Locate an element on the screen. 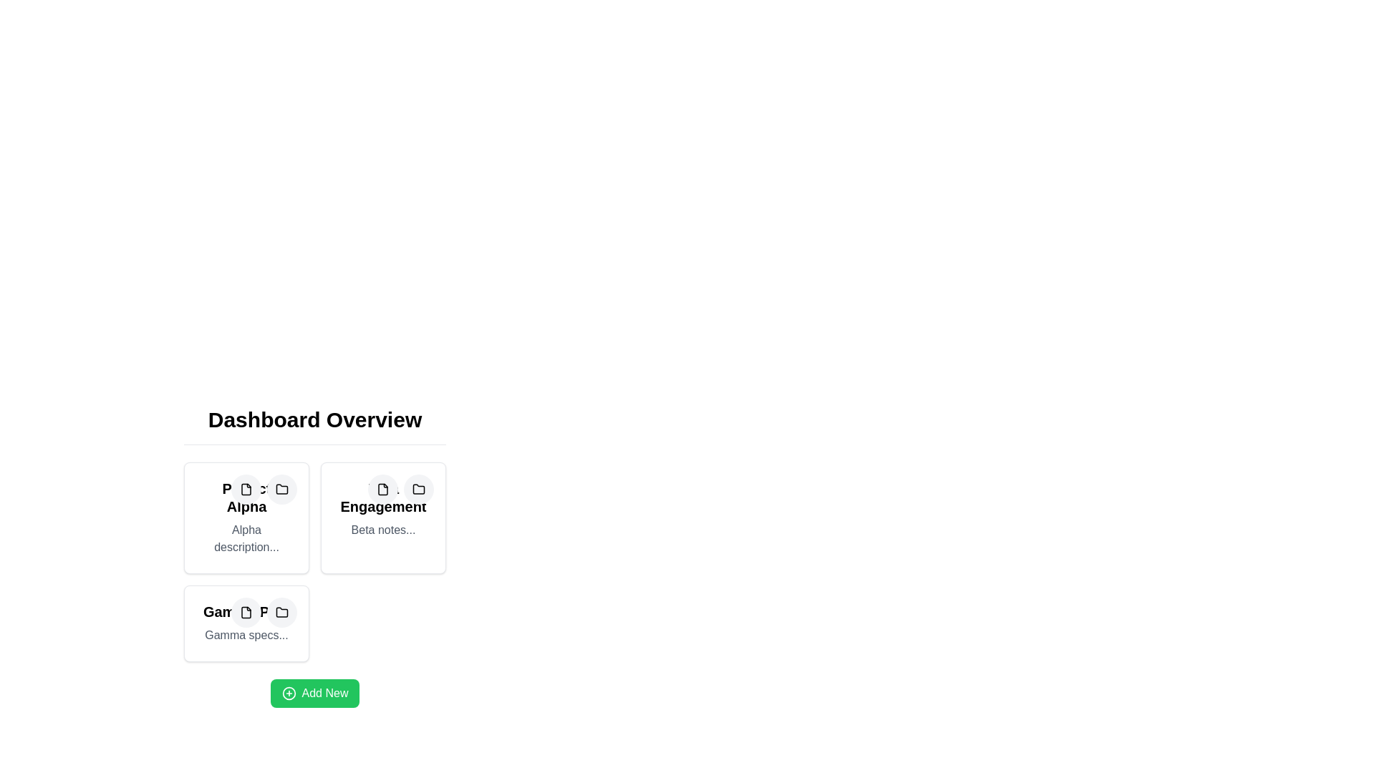  the circular button with a light gray background and a document icon, located at the top-right corner of the Engagement card is located at coordinates (382, 488).